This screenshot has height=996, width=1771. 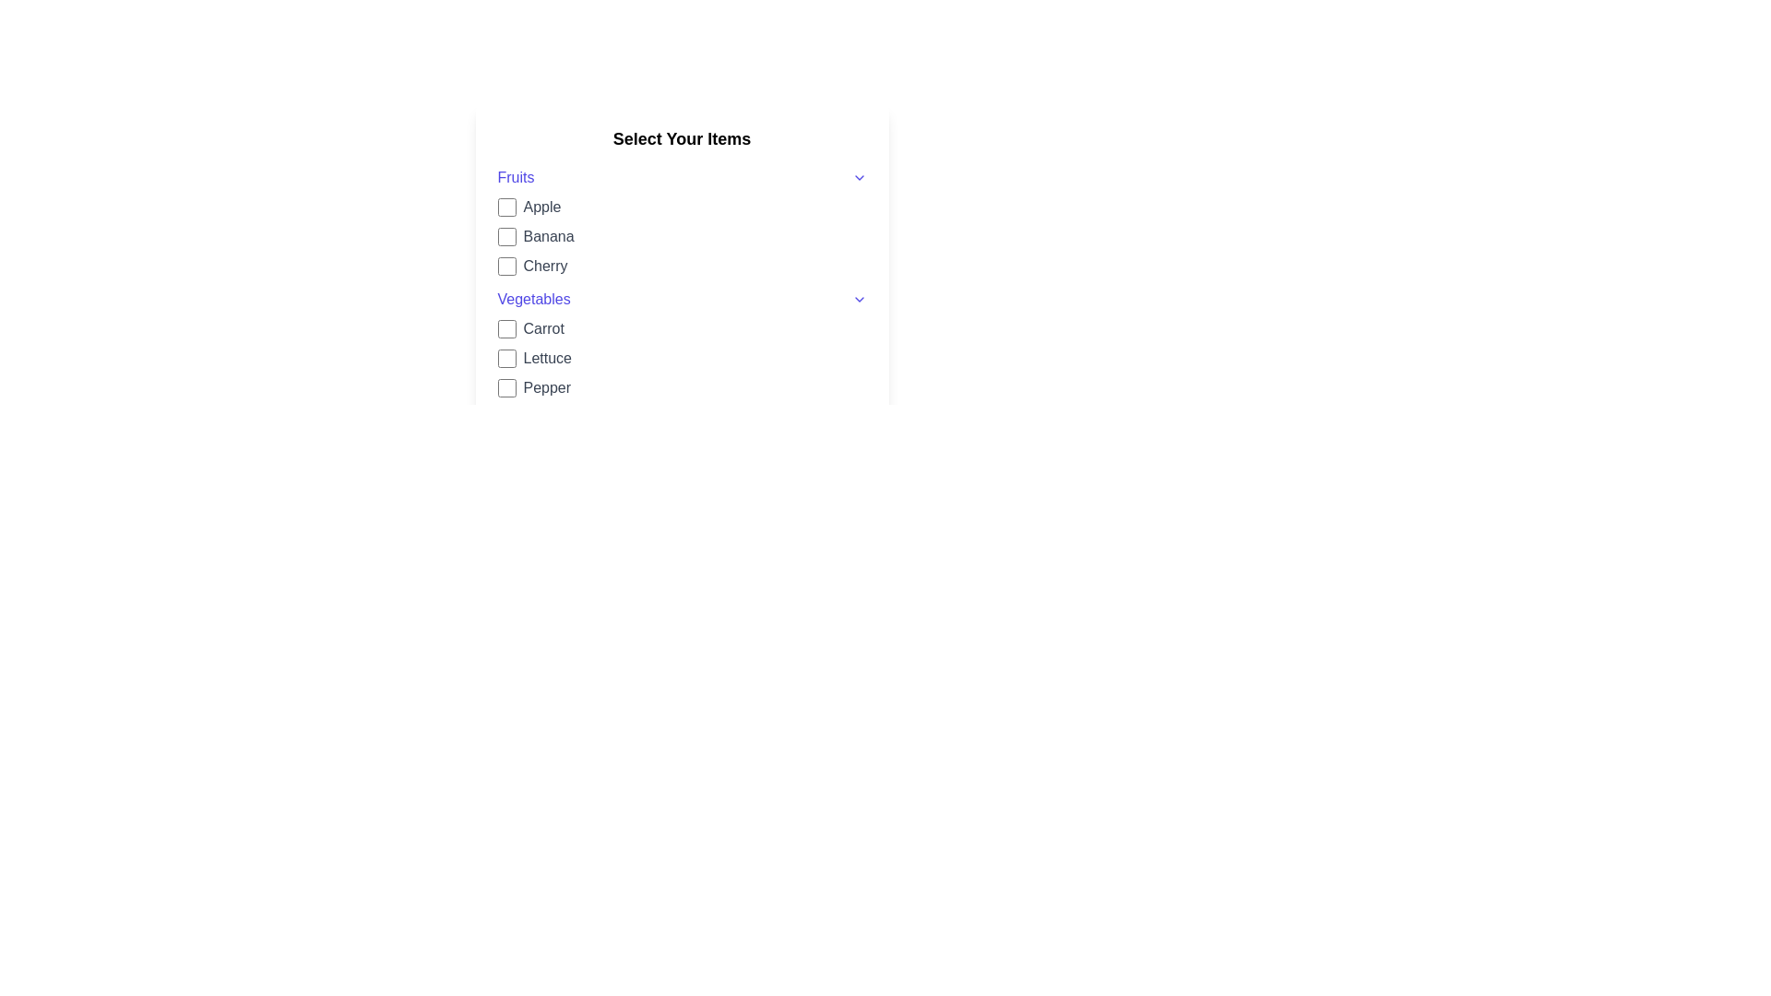 What do you see at coordinates (546, 386) in the screenshot?
I see `text from the Text Label displaying 'Pepper' in gray font, located under the heading 'Vegetables' and next to its corresponding checkbox` at bounding box center [546, 386].